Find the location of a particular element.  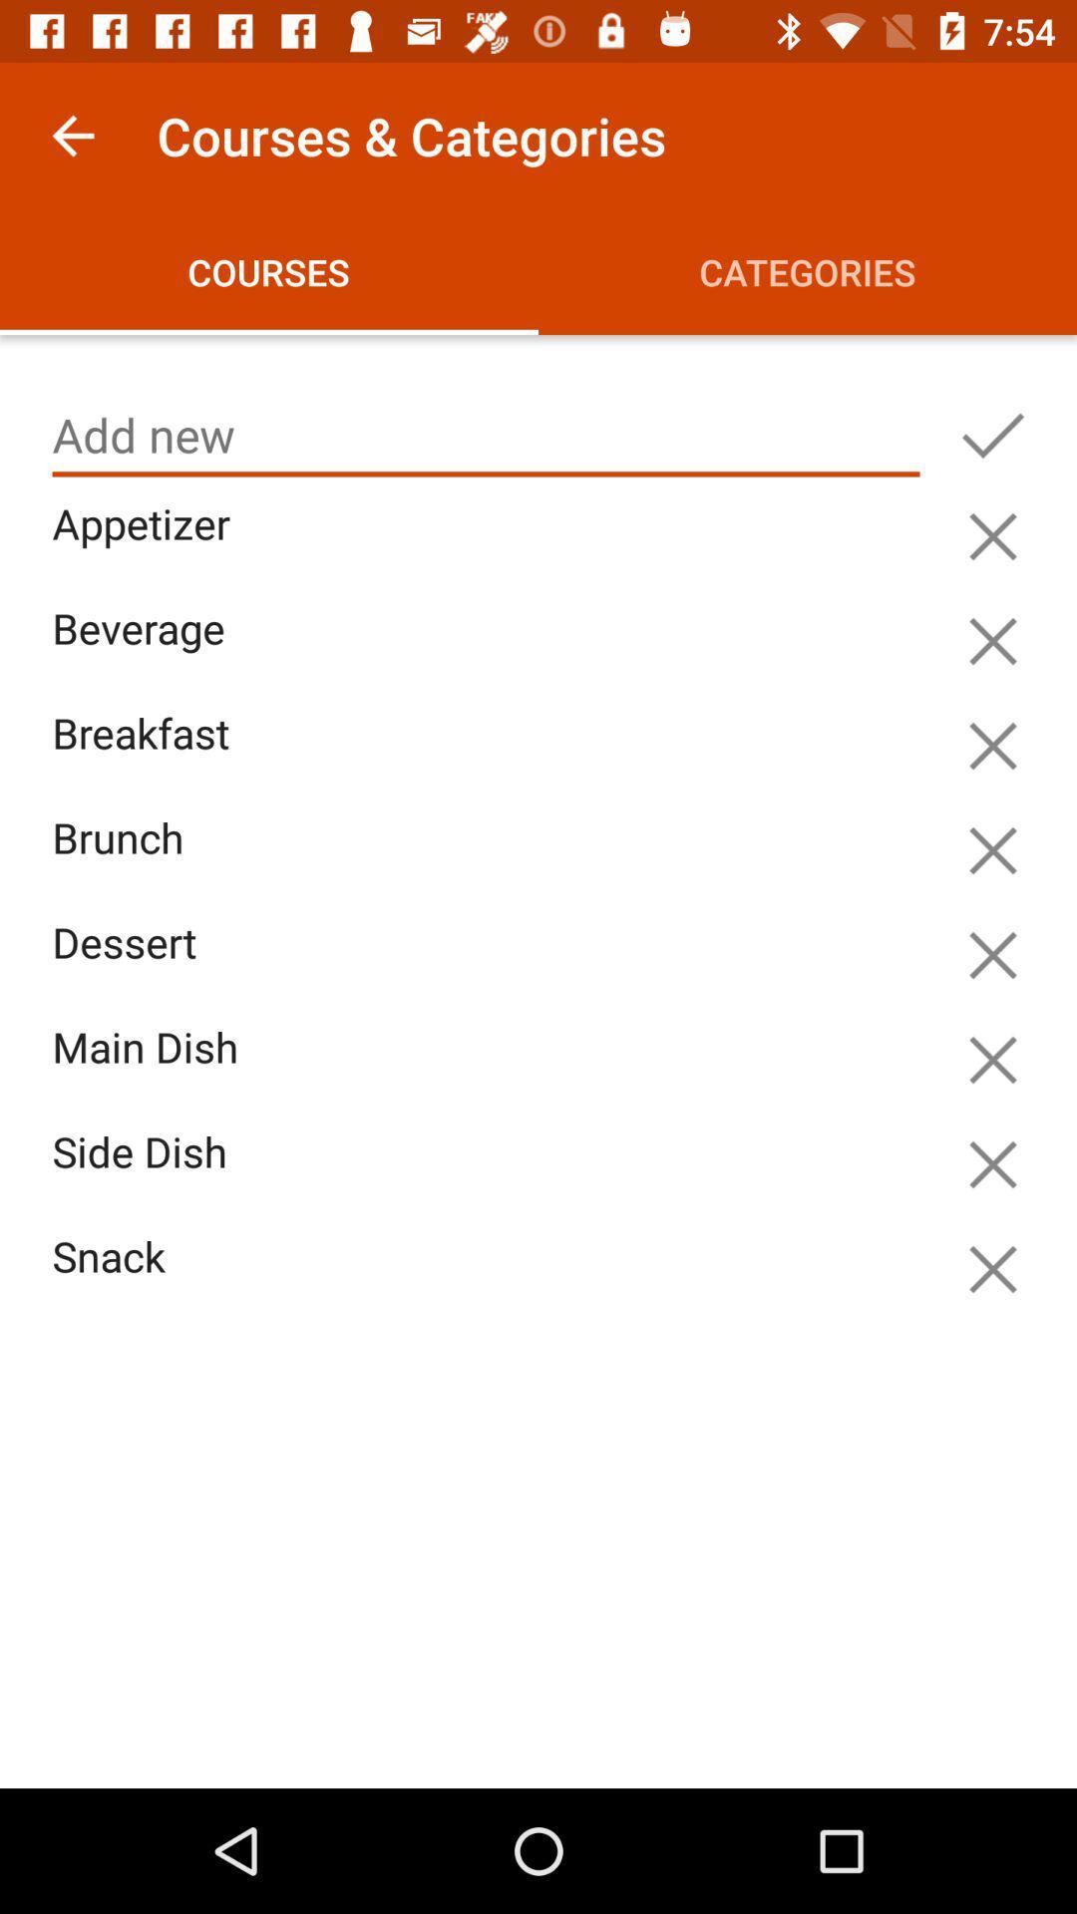

do n't add breakfast is located at coordinates (992, 745).